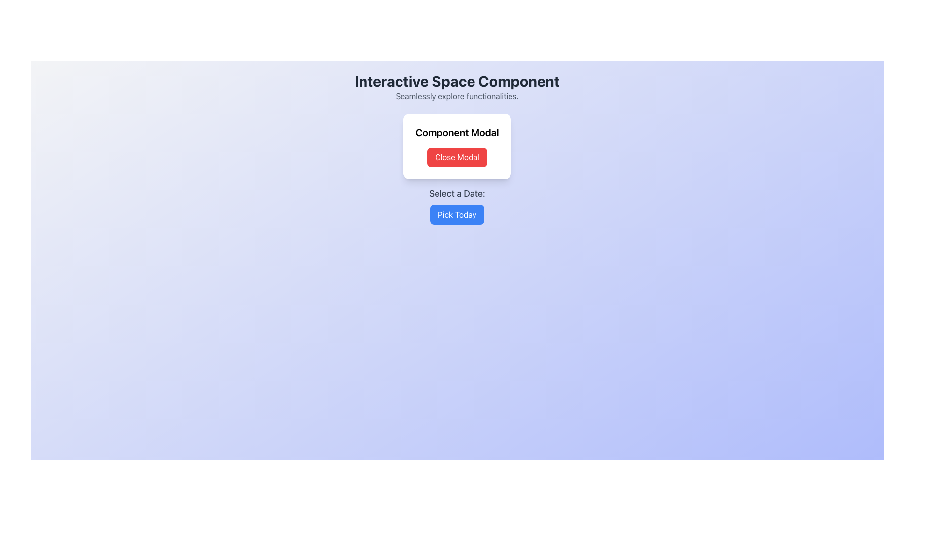  I want to click on the subtitle text "Seamlessly explore functionalities," which is displayed in gray color and positioned directly beneath the heading "Interactive Space Component.", so click(456, 96).